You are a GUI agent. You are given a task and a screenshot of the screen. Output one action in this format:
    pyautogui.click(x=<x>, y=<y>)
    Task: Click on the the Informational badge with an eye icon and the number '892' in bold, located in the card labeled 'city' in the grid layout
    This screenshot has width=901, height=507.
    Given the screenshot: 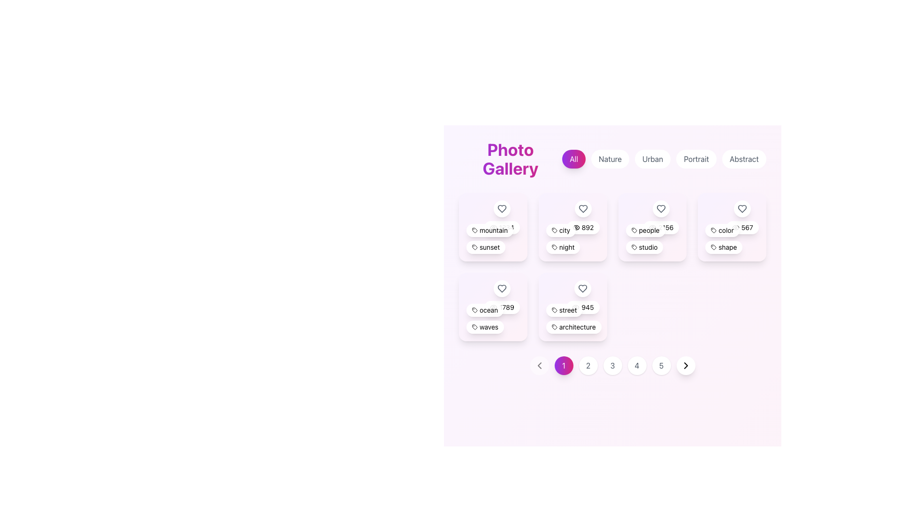 What is the action you would take?
    pyautogui.click(x=582, y=228)
    